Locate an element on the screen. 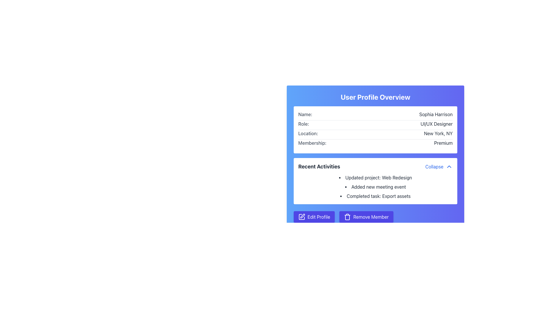 The image size is (555, 312). informational text of the first list item in the 'Recent Activities' section of the User Profile Overview is located at coordinates (375, 177).